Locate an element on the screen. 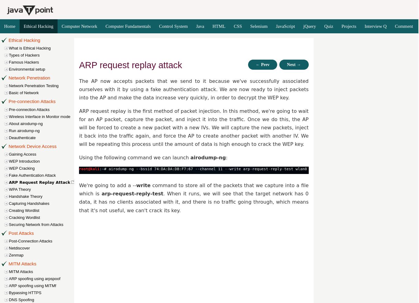 This screenshot has width=419, height=303. ':' is located at coordinates (225, 157).